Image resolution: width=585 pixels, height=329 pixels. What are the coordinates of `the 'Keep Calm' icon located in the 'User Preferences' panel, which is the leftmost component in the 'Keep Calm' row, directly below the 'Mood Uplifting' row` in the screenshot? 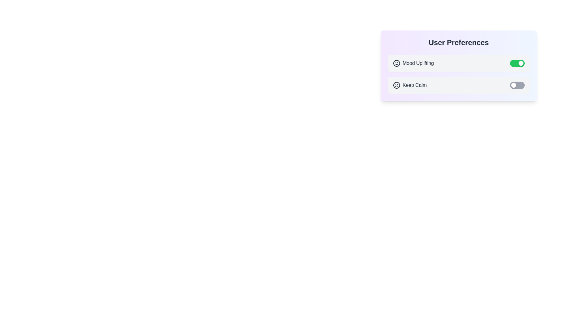 It's located at (396, 85).